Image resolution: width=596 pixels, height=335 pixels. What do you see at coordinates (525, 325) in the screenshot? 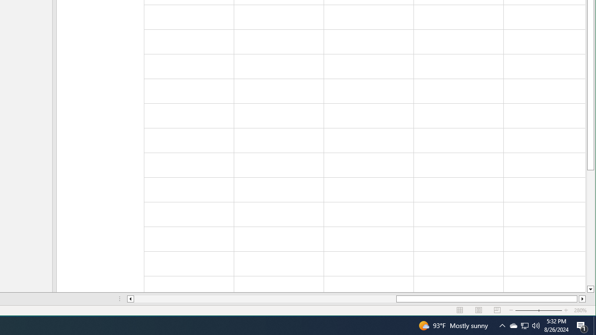
I see `'User Promoted Notification Area'` at bounding box center [525, 325].